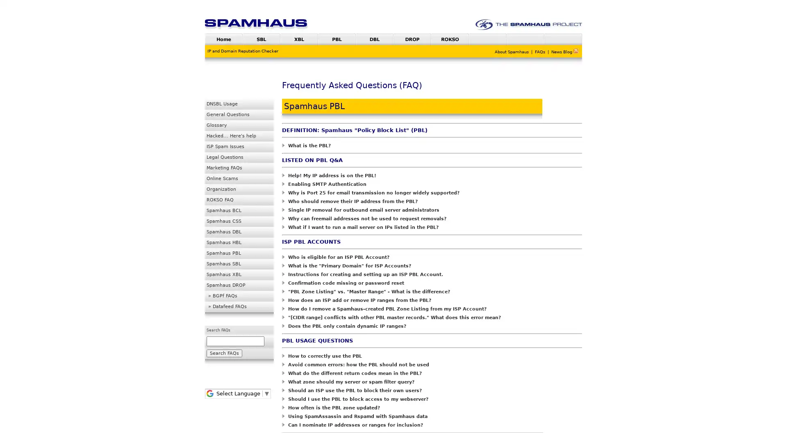  What do you see at coordinates (224, 353) in the screenshot?
I see `Search FAQs` at bounding box center [224, 353].